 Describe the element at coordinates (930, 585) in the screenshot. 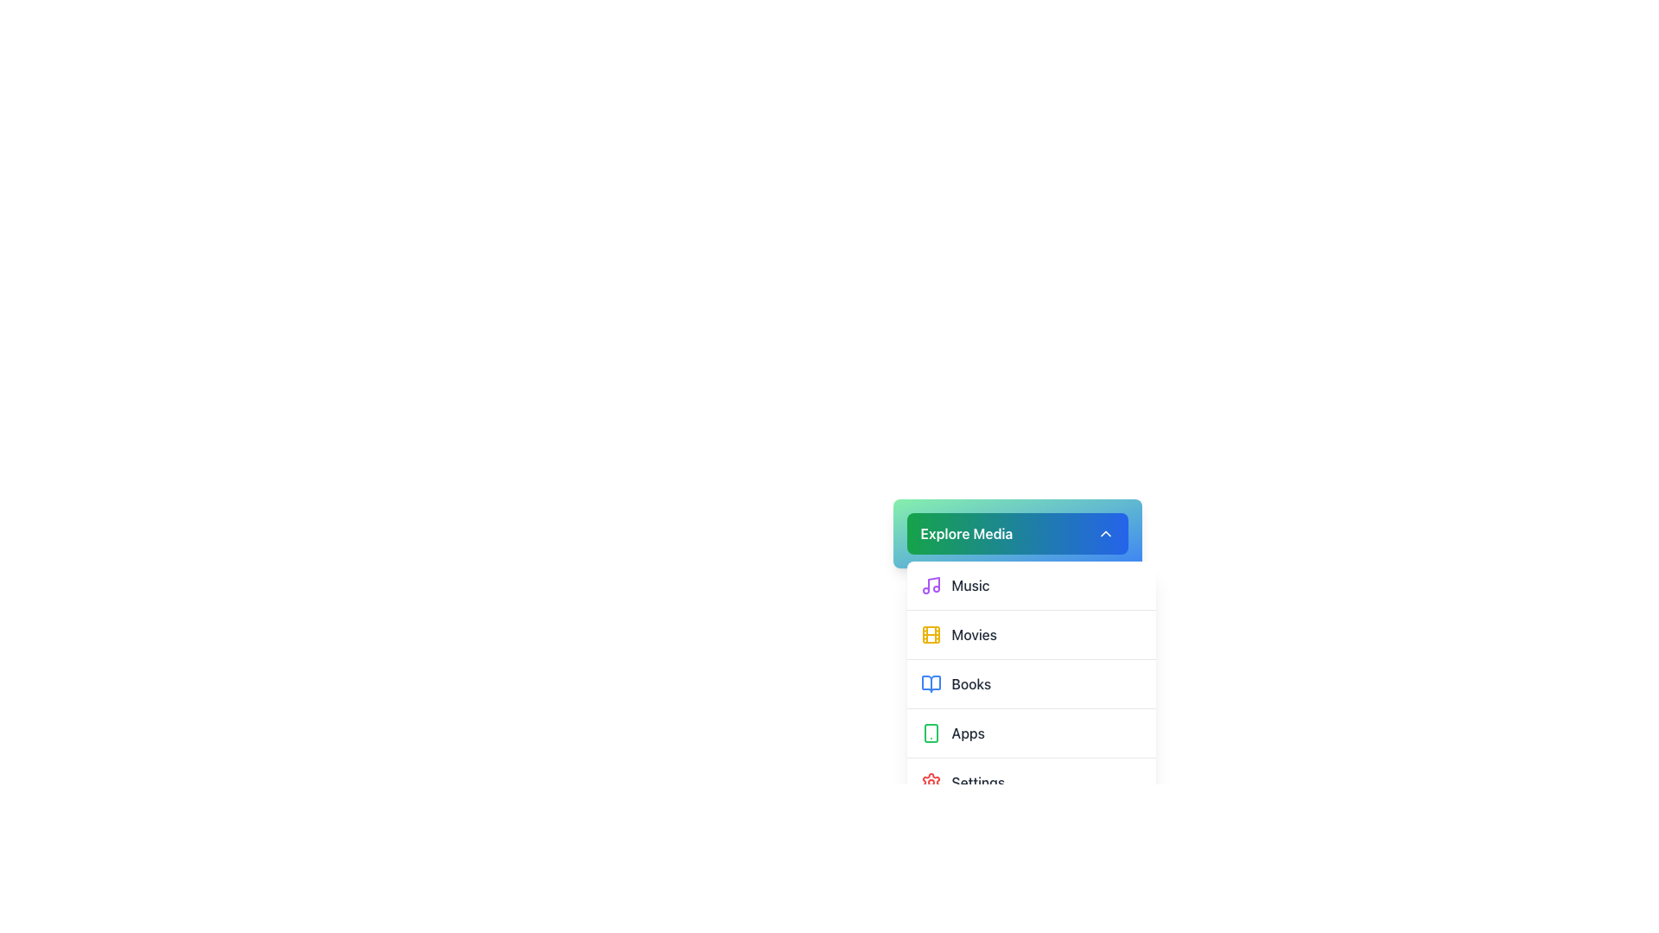

I see `the vibrant purple musical notes icon located next to the 'Music' label in the vertical menu under the 'Explore Media' heading` at that location.